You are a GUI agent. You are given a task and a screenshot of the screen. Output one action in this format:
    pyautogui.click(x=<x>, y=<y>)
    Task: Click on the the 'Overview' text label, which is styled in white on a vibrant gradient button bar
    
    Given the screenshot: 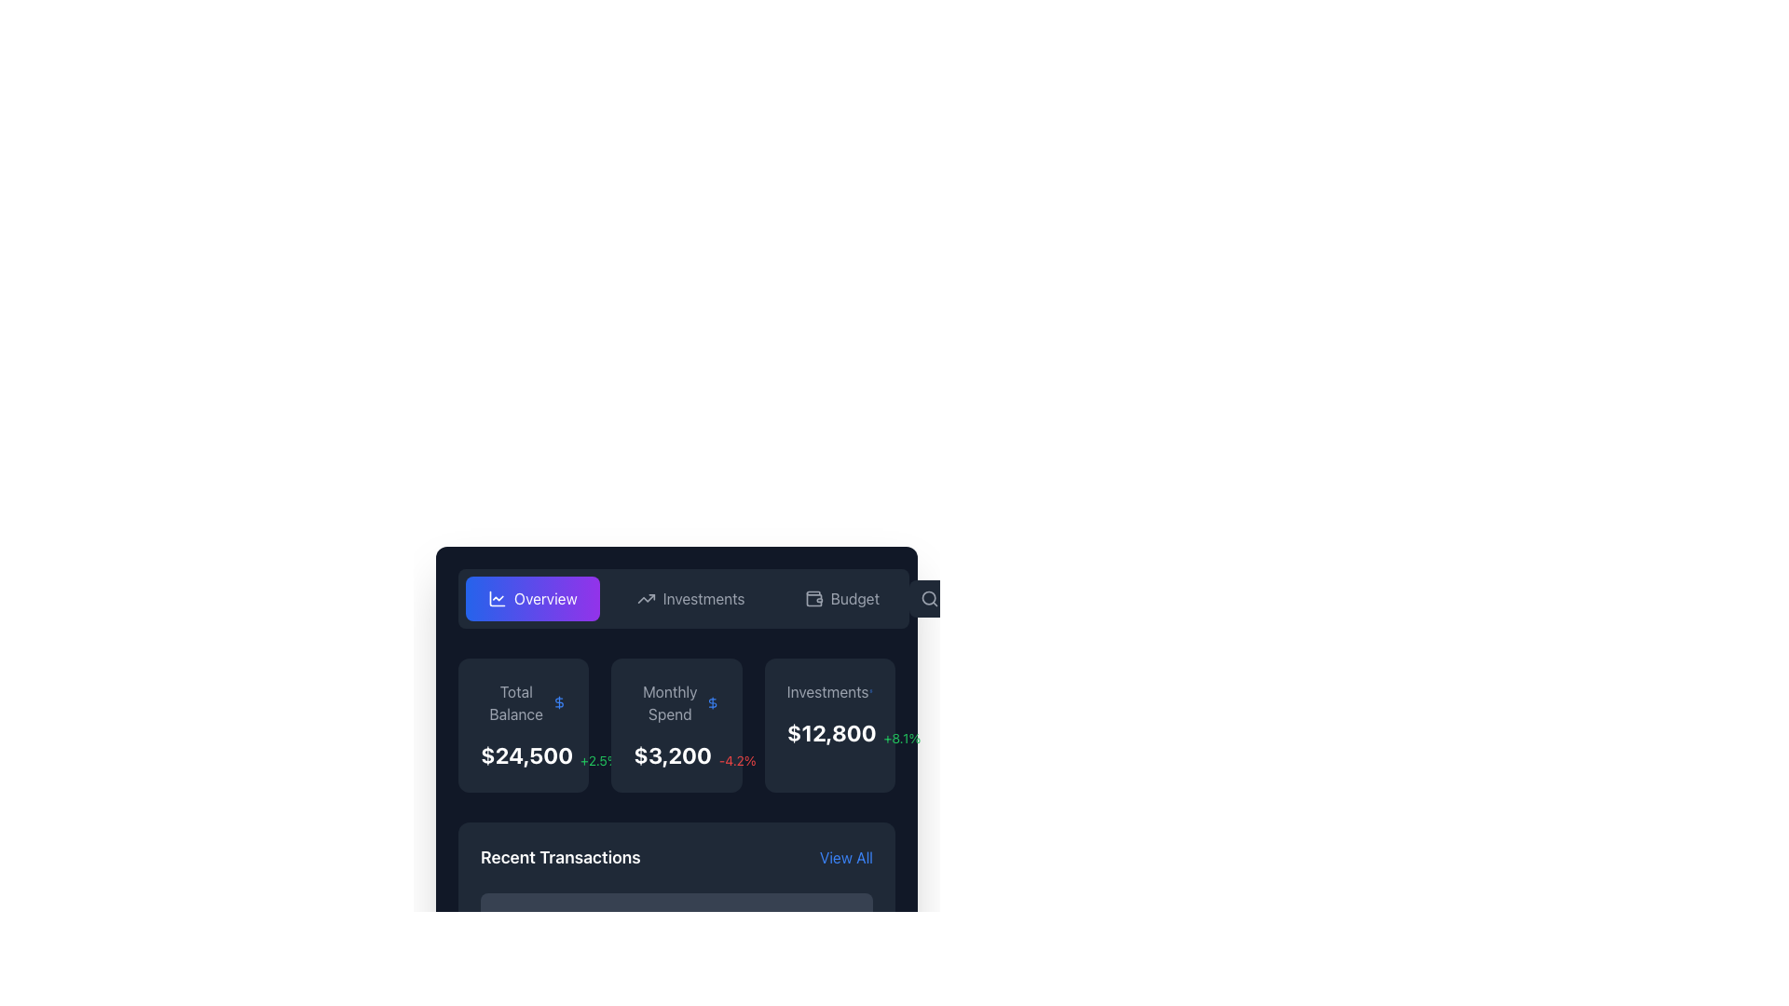 What is the action you would take?
    pyautogui.click(x=544, y=599)
    